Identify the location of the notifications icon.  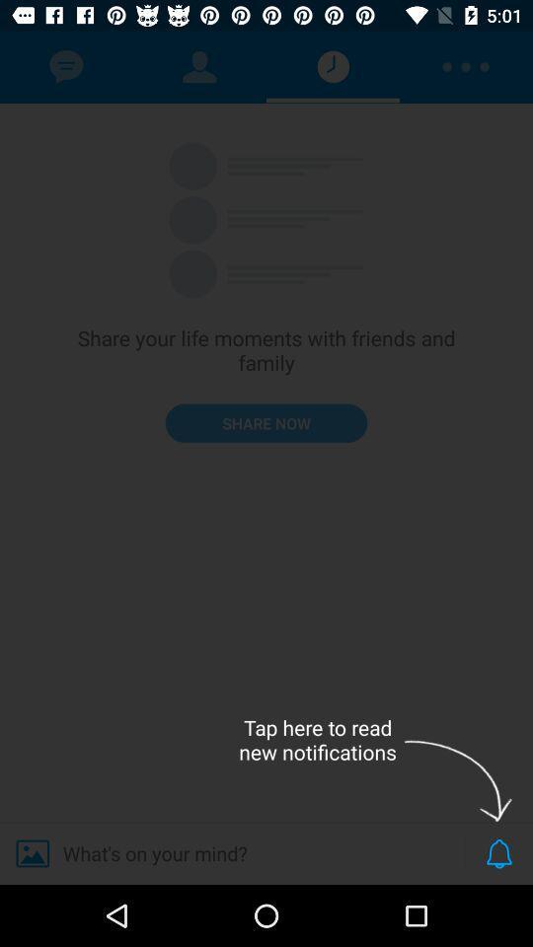
(497, 852).